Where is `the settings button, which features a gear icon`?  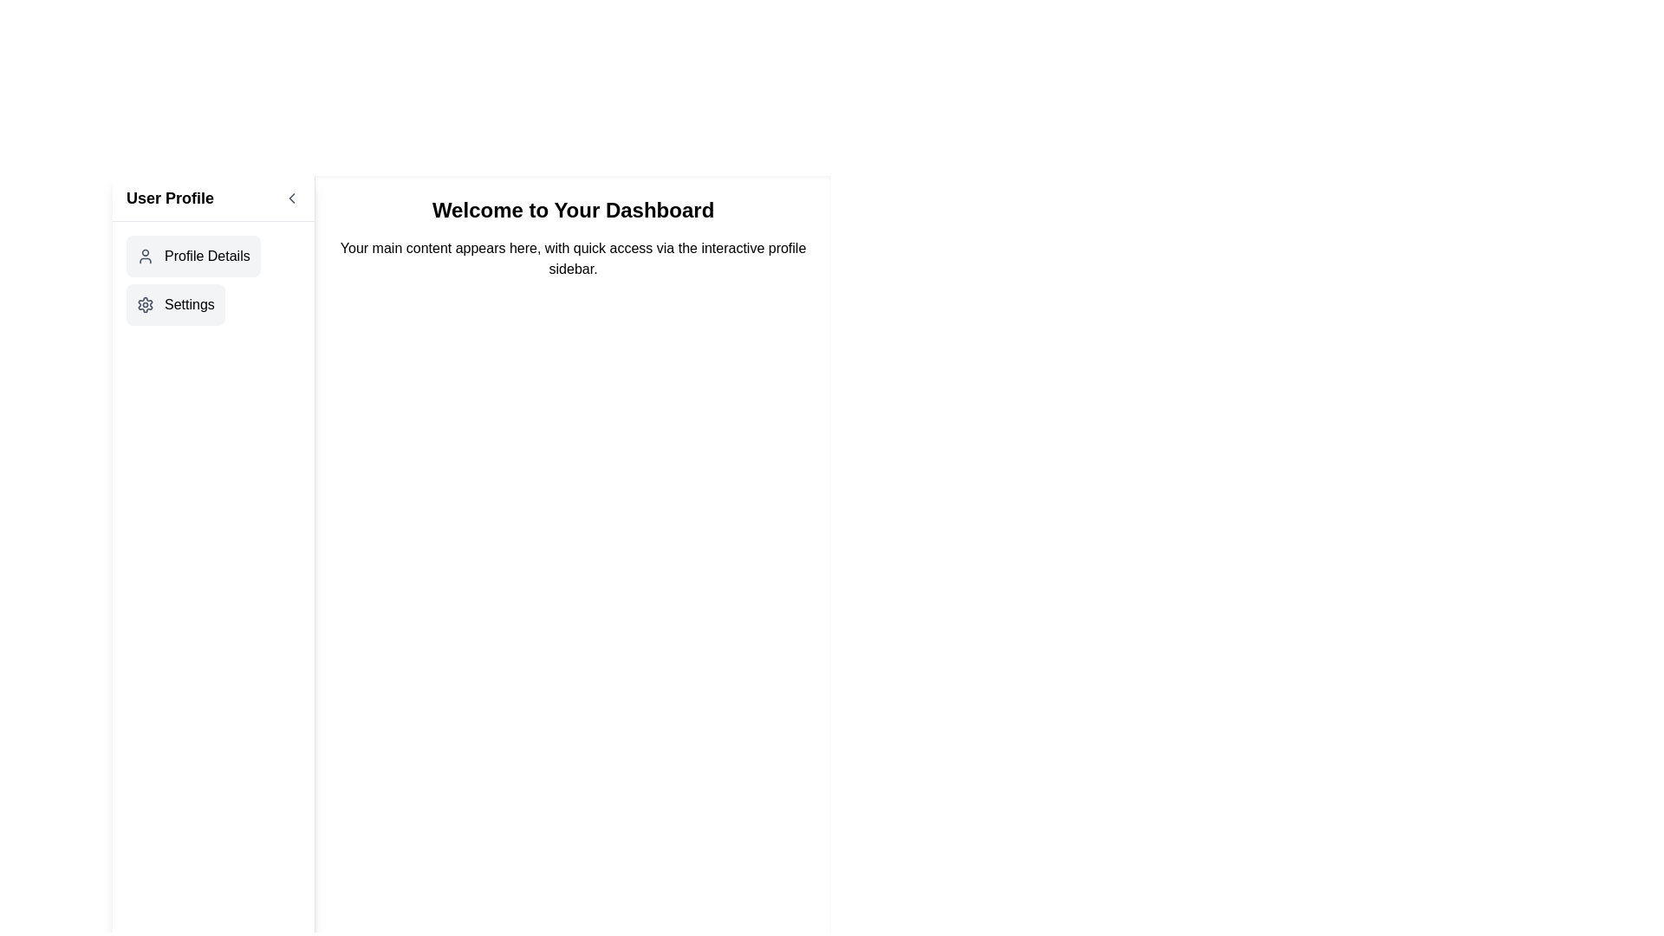
the settings button, which features a gear icon is located at coordinates (146, 303).